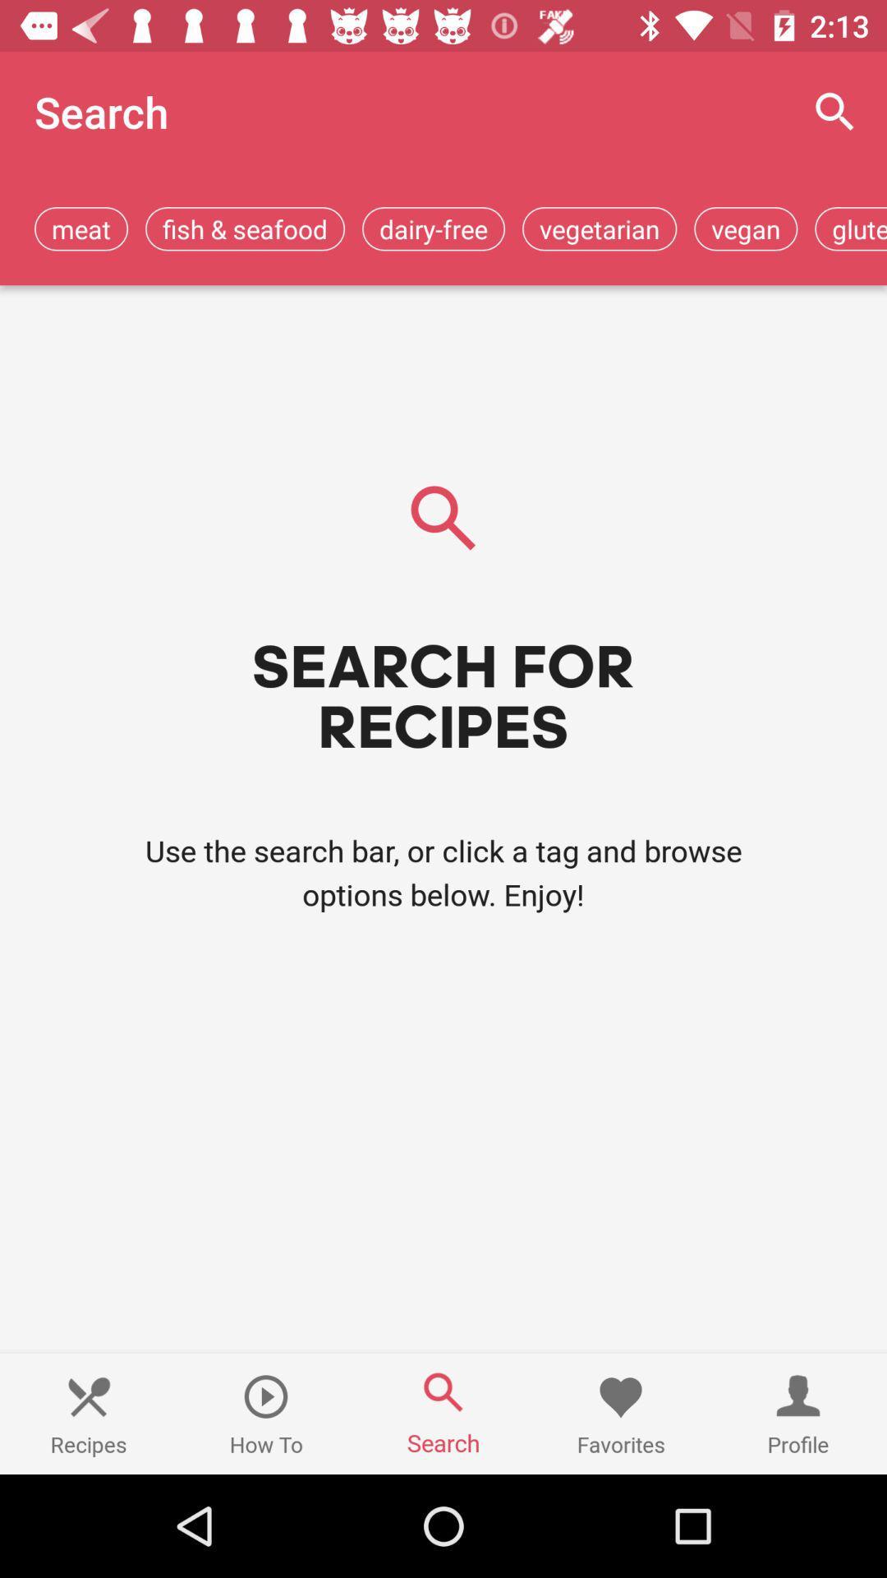 This screenshot has height=1578, width=887. What do you see at coordinates (81, 228) in the screenshot?
I see `the item below search item` at bounding box center [81, 228].